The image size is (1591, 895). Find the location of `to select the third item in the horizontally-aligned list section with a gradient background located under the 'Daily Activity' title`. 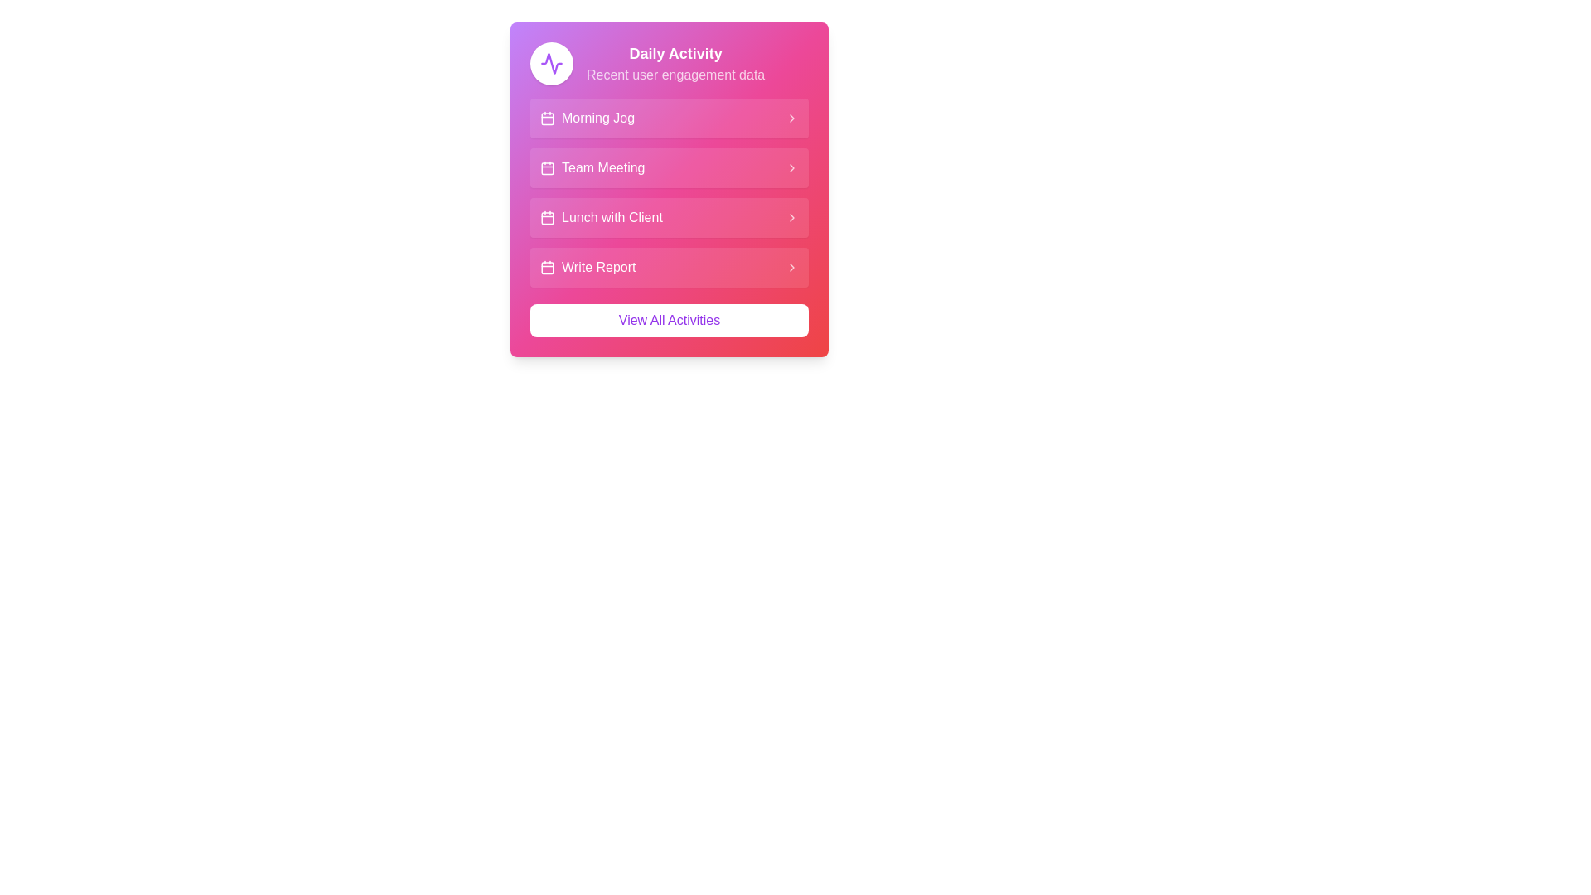

to select the third item in the horizontally-aligned list section with a gradient background located under the 'Daily Activity' title is located at coordinates (669, 191).